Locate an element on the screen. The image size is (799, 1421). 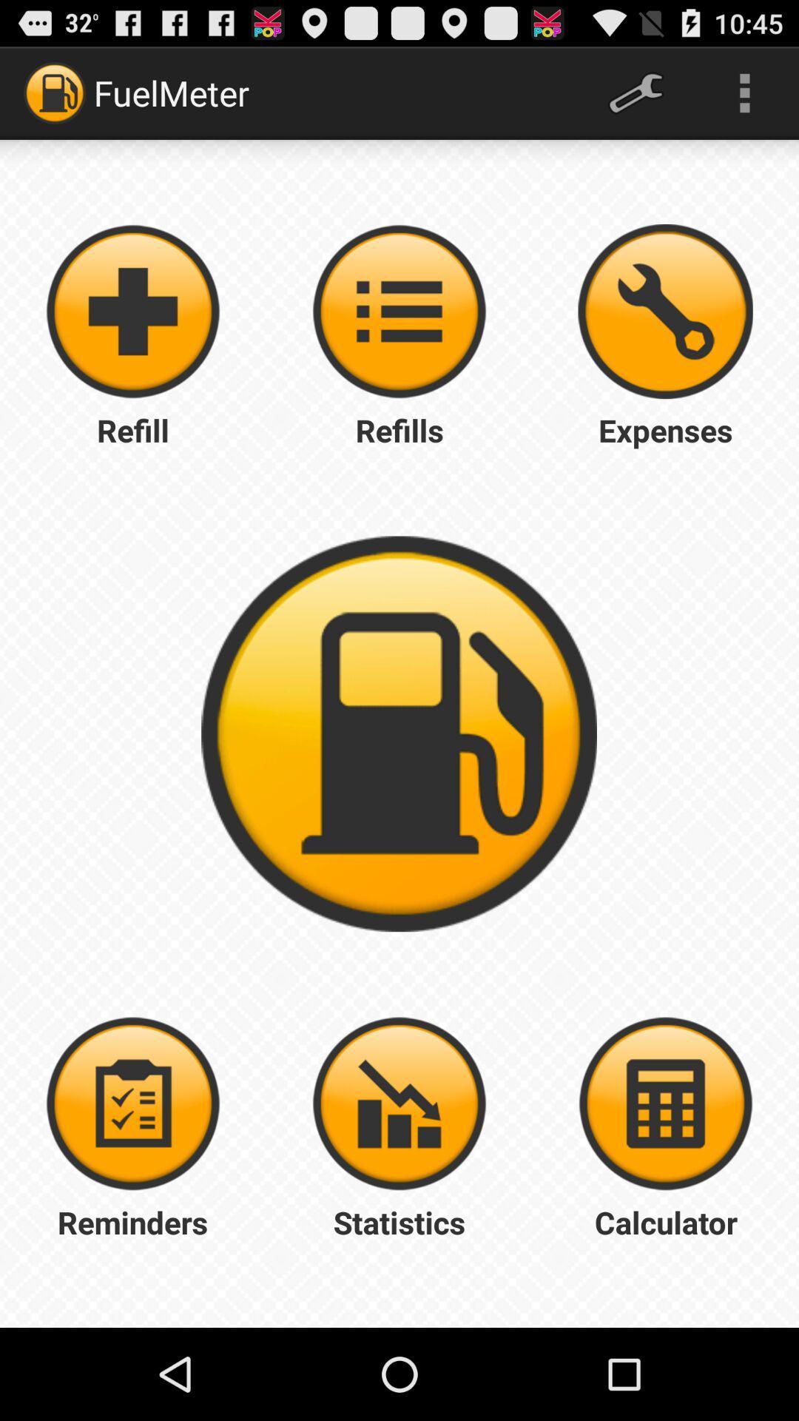
to use calculator is located at coordinates (664, 1103).